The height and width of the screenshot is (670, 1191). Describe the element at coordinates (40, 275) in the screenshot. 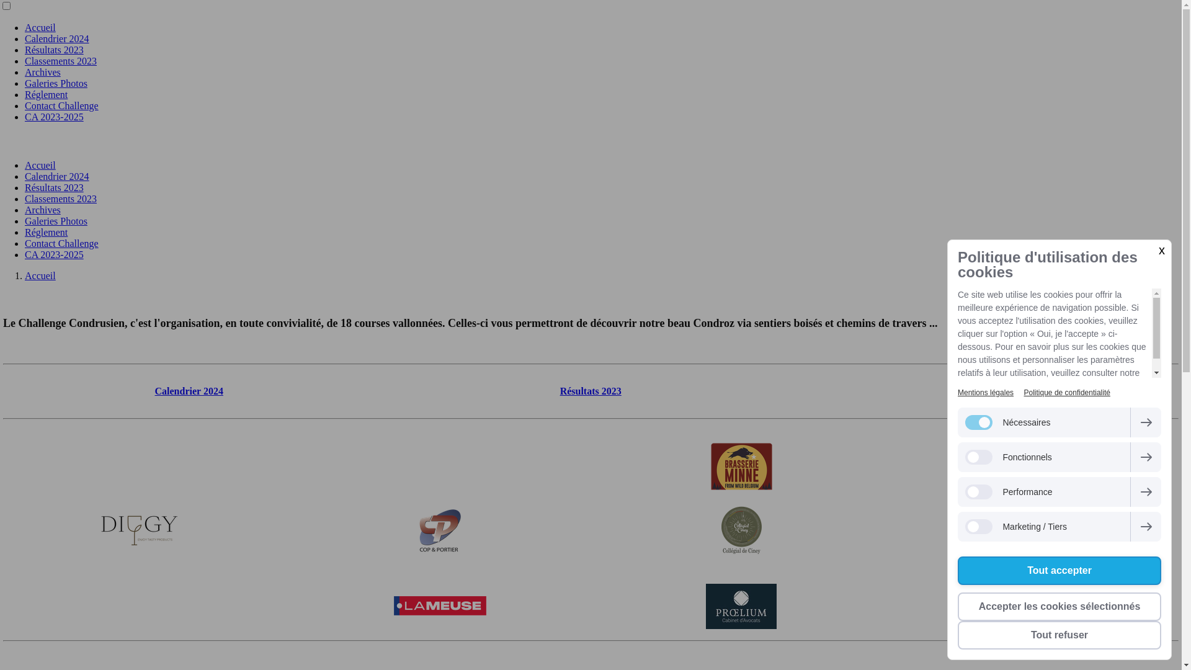

I see `'Accueil'` at that location.